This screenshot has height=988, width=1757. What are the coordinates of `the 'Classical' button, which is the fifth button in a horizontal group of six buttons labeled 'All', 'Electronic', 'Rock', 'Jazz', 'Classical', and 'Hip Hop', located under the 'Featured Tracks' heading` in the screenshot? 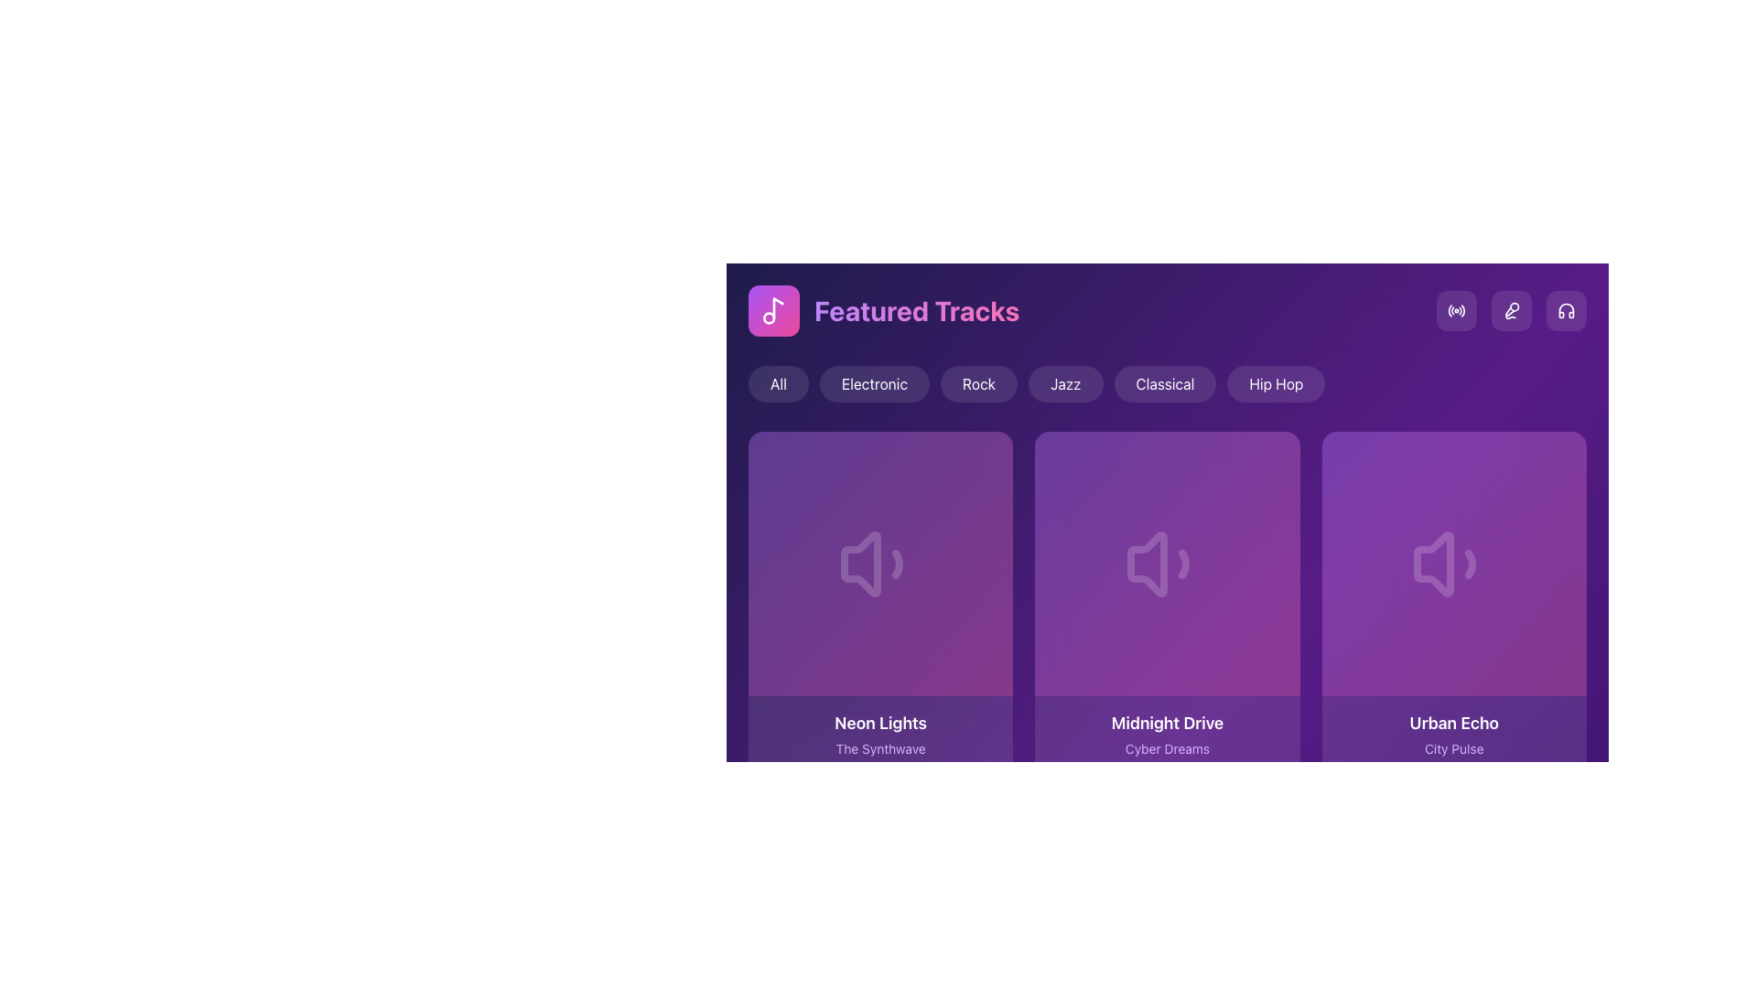 It's located at (1164, 383).